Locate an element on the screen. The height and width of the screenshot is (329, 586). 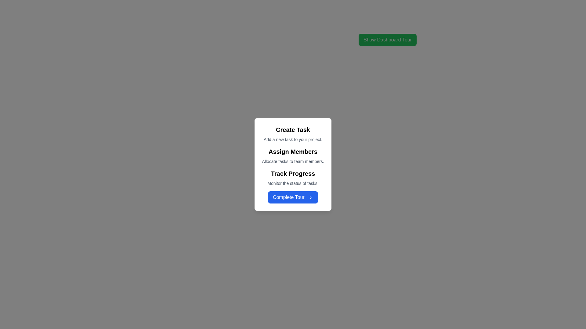
the green rectangular button labeled 'Show Dashboard Tour' is located at coordinates (387, 37).